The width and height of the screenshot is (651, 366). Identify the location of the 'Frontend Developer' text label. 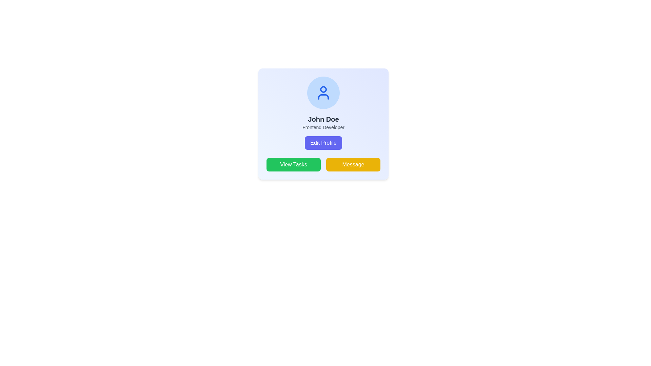
(323, 127).